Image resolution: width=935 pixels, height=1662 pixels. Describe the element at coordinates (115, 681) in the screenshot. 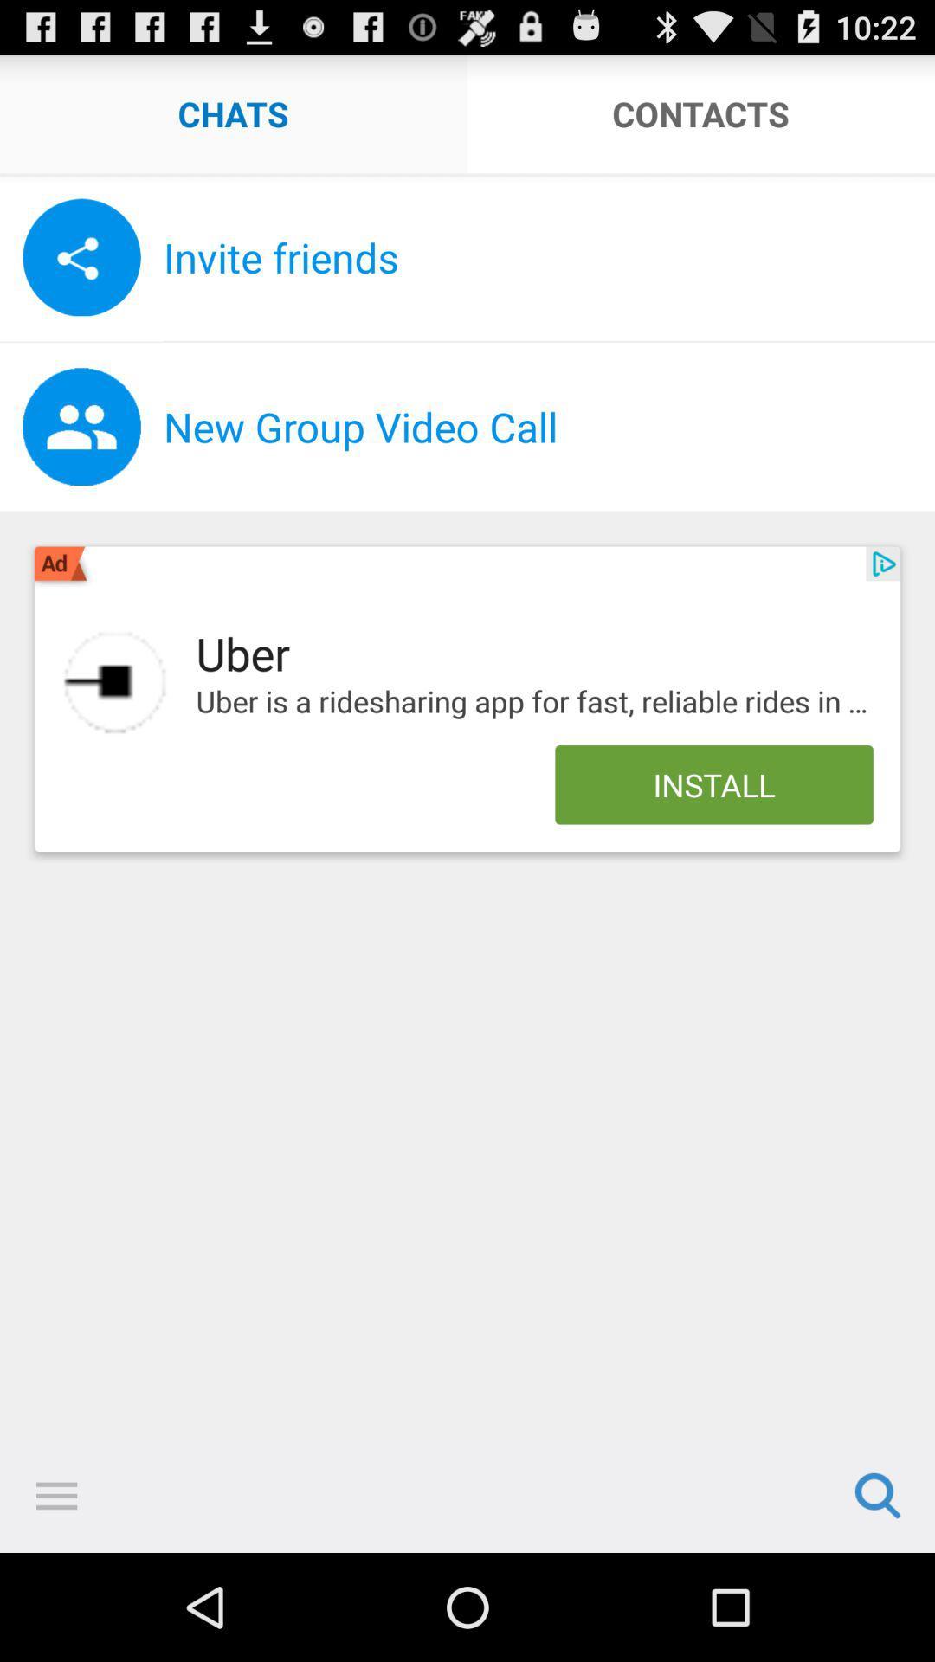

I see `show advertisement from uber` at that location.